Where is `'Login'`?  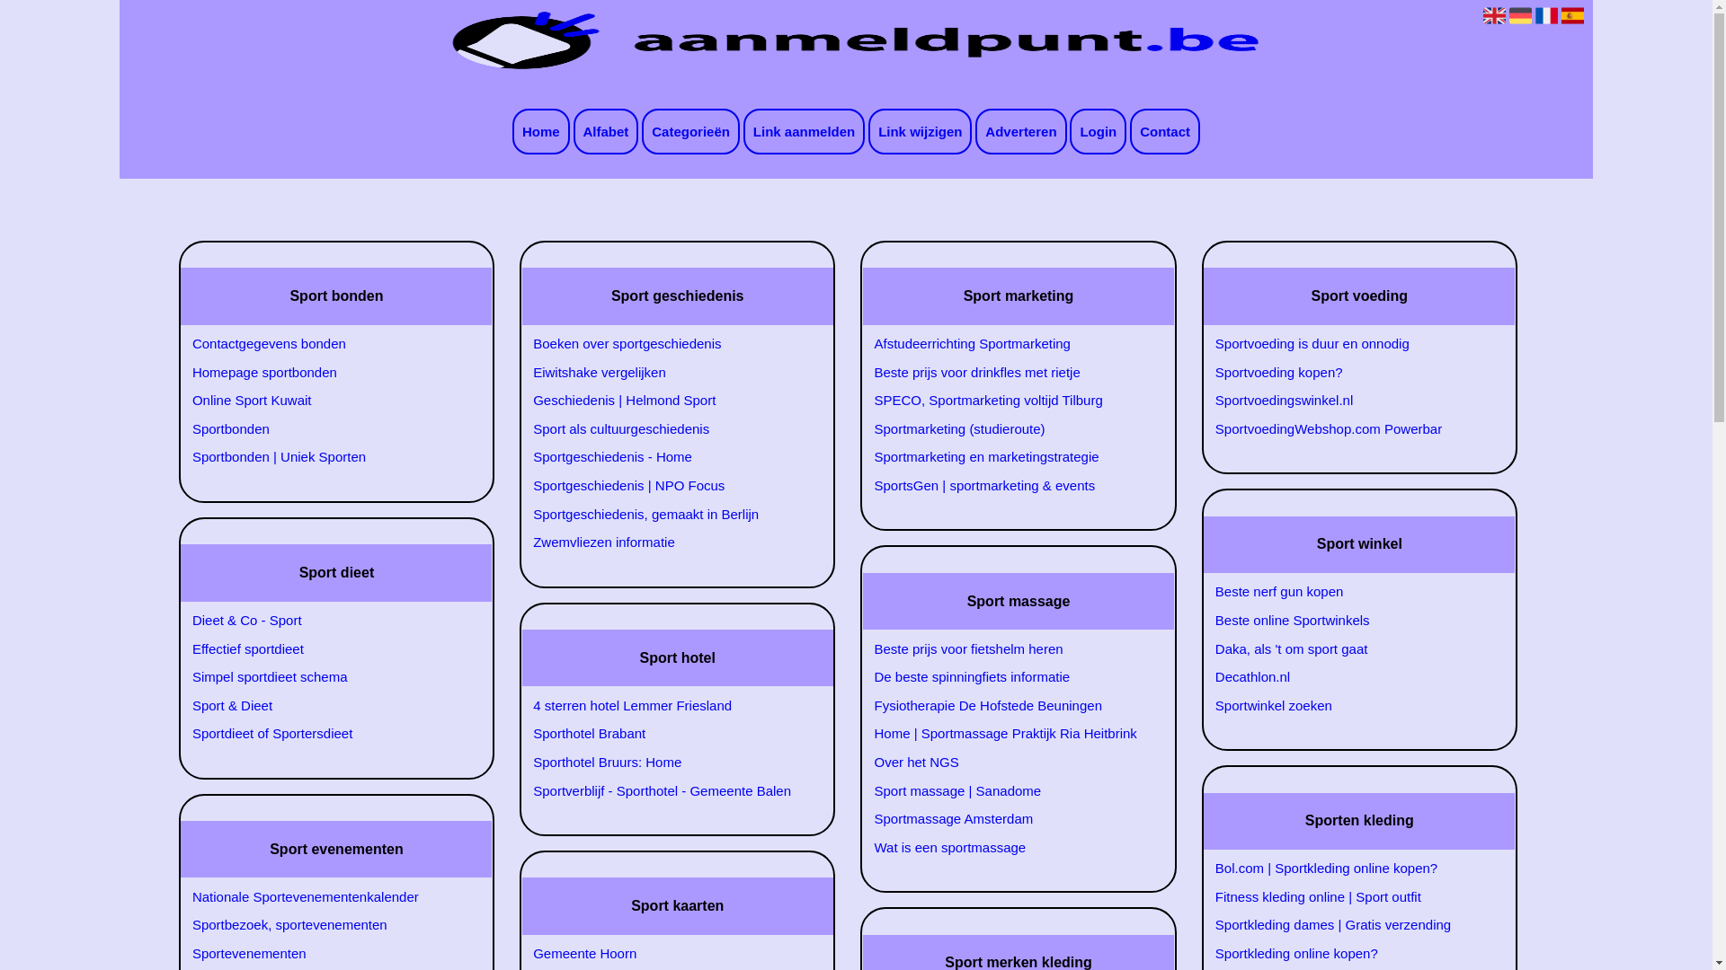 'Login' is located at coordinates (1097, 130).